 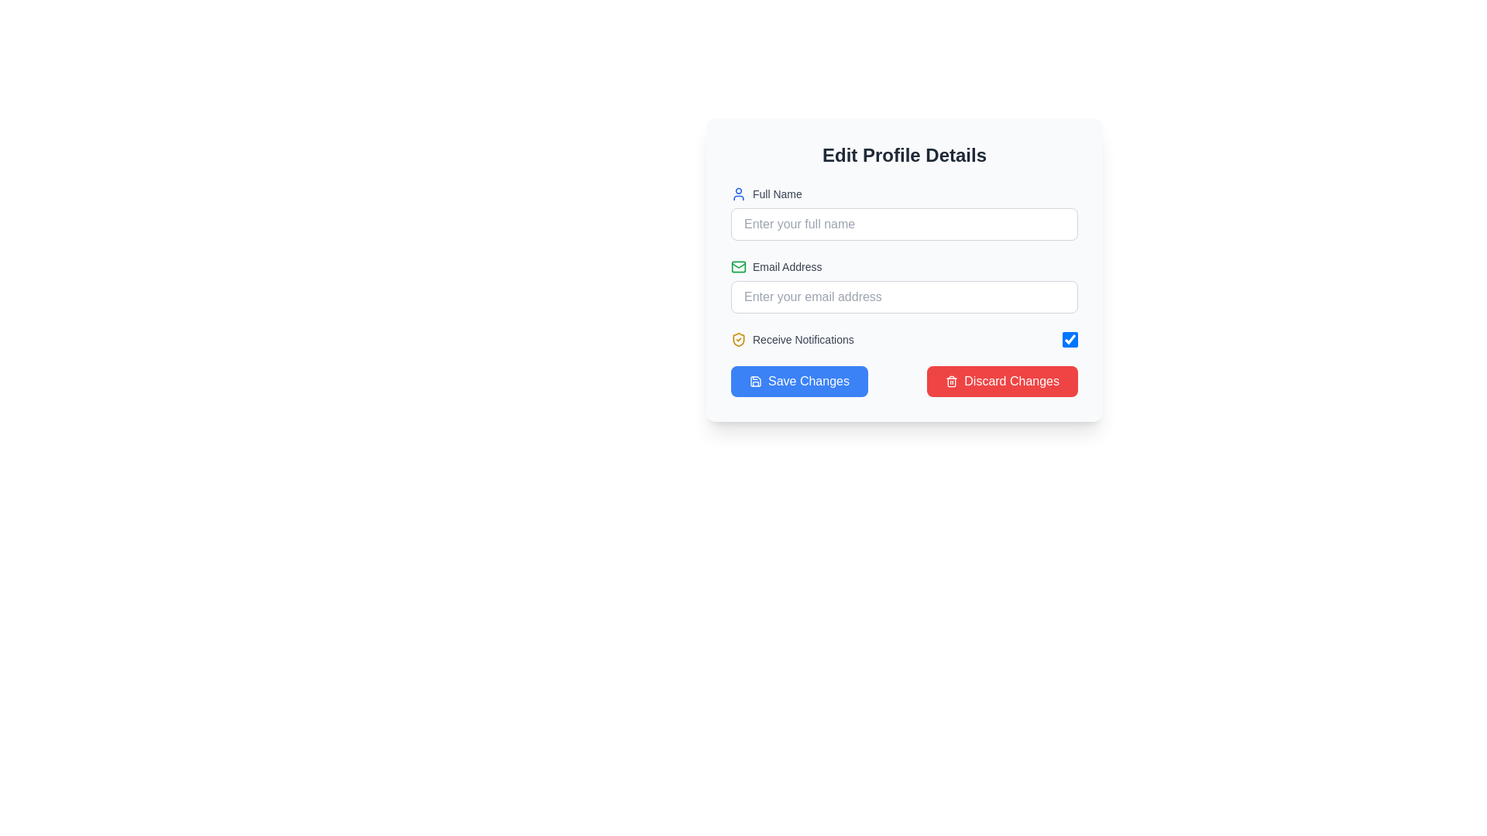 I want to click on the user profile editing form section located centrally below the 'Edit Profile Details' title, so click(x=904, y=269).